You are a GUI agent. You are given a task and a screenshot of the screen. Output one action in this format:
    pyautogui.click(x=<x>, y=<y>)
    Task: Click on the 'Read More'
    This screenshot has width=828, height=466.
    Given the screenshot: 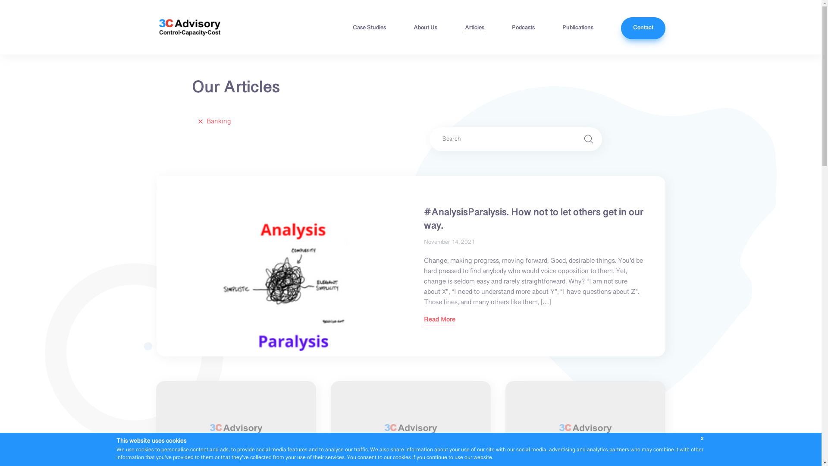 What is the action you would take?
    pyautogui.click(x=439, y=321)
    